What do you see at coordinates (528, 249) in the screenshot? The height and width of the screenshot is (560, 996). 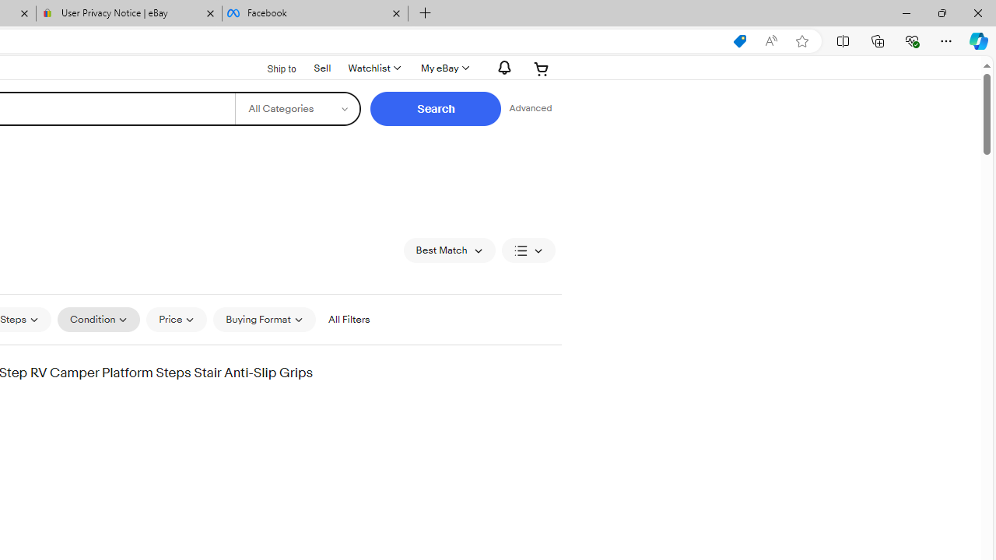 I see `'View: List View'` at bounding box center [528, 249].